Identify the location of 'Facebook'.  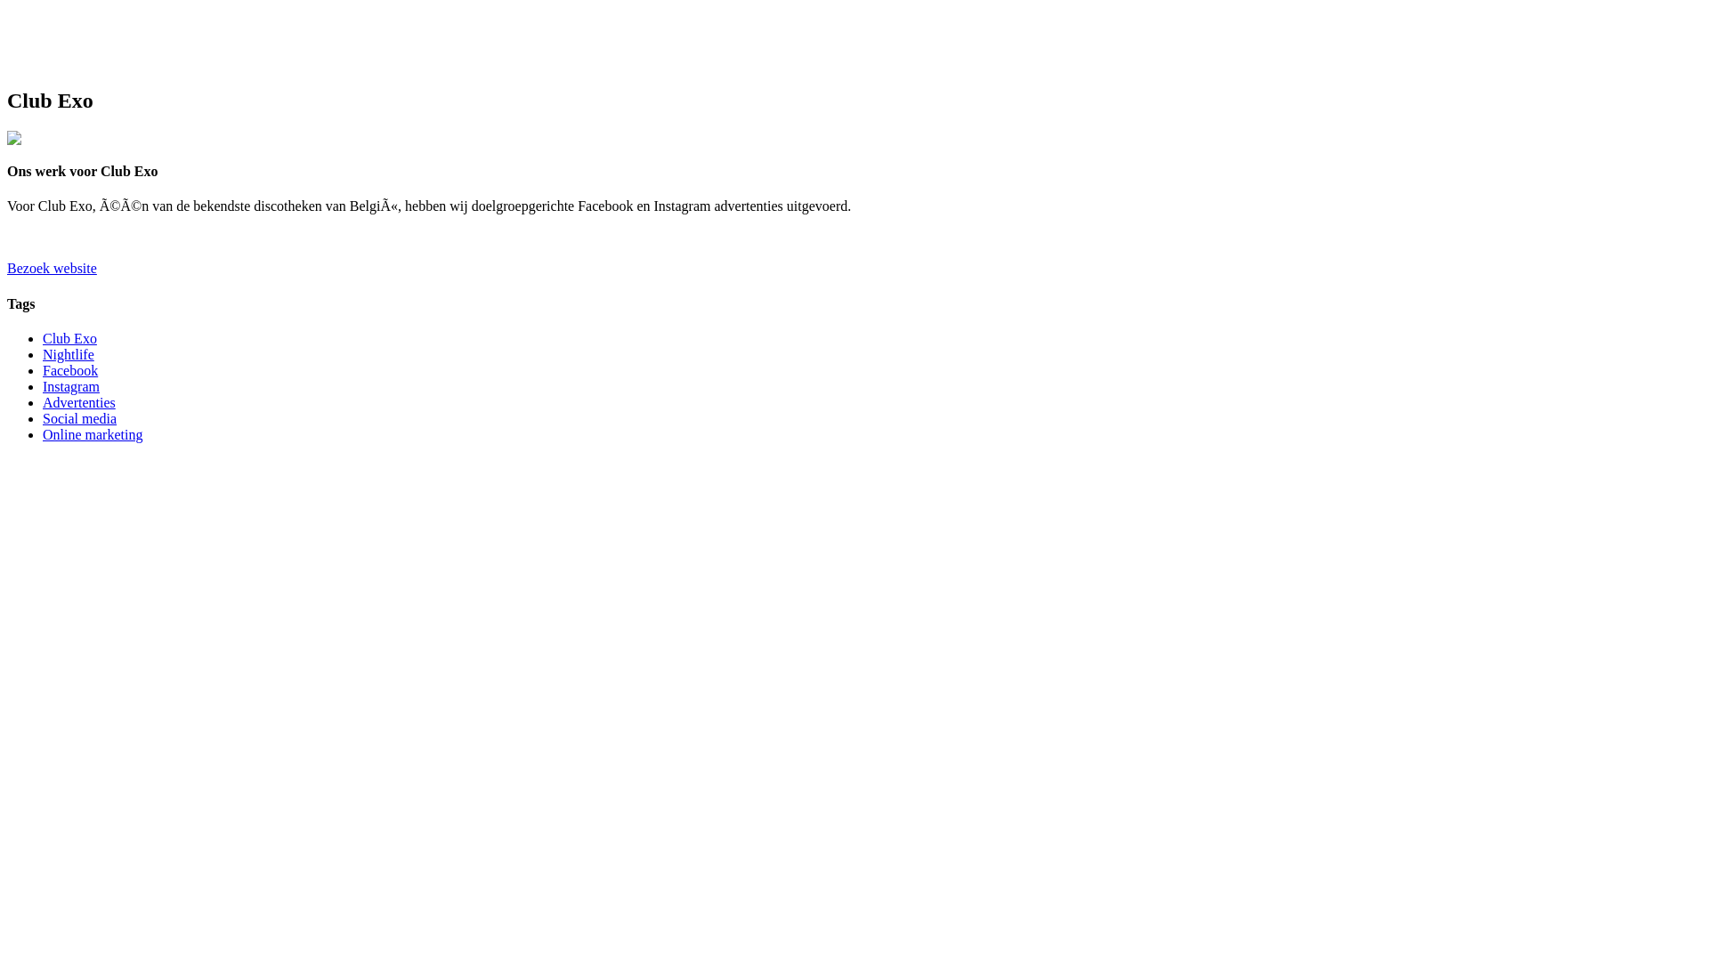
(69, 369).